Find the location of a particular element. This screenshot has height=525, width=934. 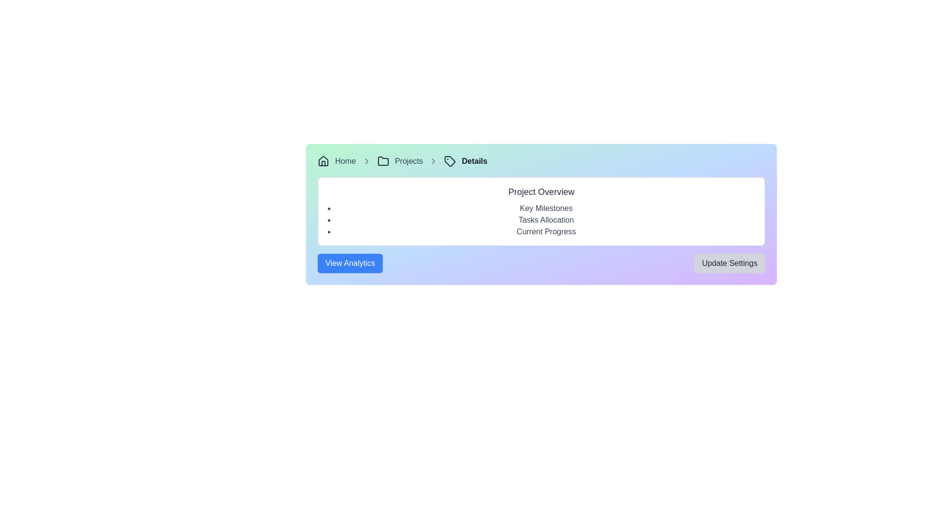

the third Text Label under the 'Project Overview' heading, which displays progress-related details is located at coordinates (546, 232).